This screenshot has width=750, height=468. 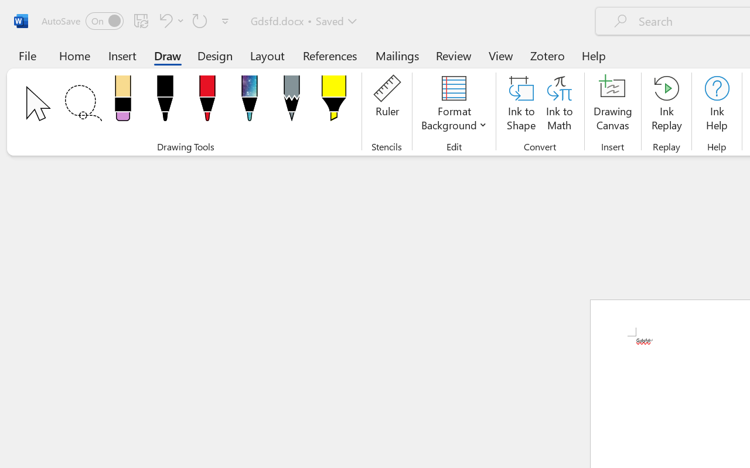 What do you see at coordinates (521, 105) in the screenshot?
I see `'Ink to Shape'` at bounding box center [521, 105].